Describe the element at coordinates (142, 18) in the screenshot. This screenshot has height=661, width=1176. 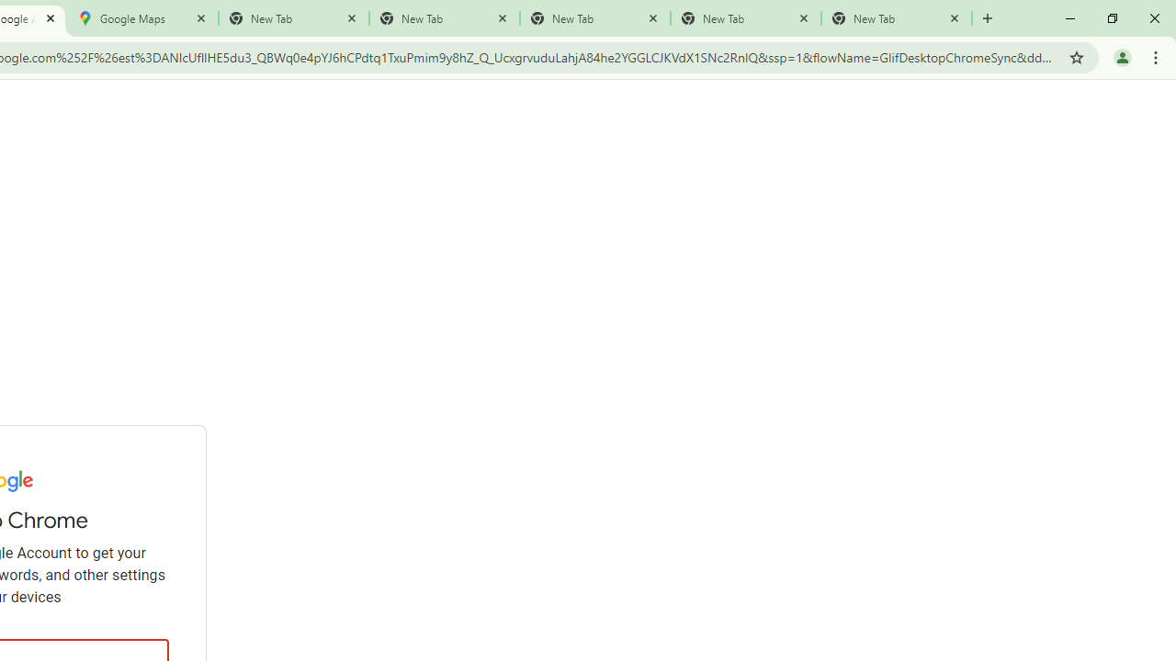
I see `'Google Maps'` at that location.